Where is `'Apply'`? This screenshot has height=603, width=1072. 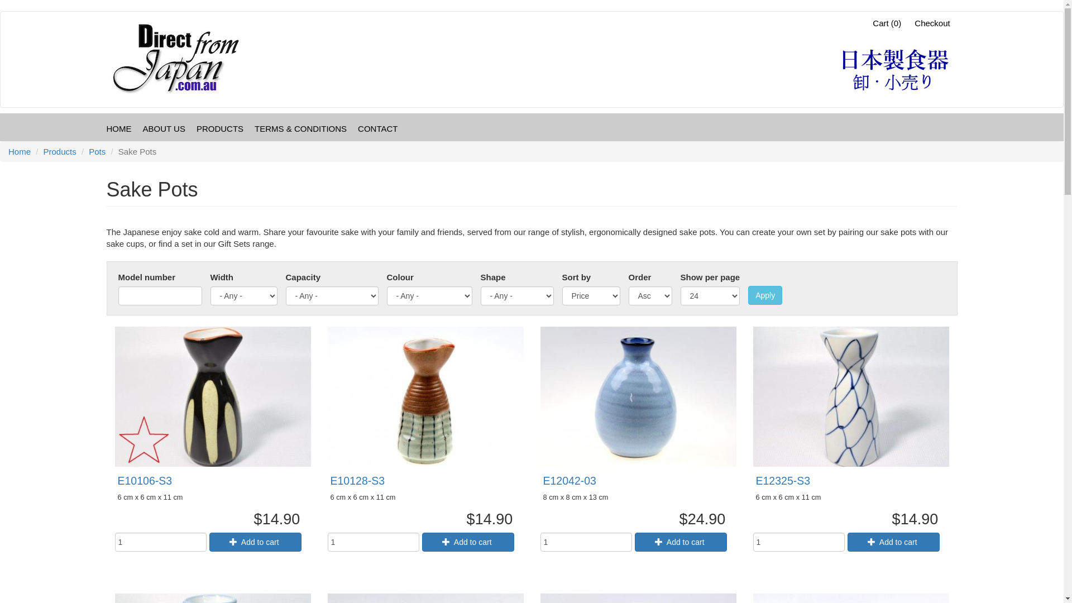
'Apply' is located at coordinates (764, 294).